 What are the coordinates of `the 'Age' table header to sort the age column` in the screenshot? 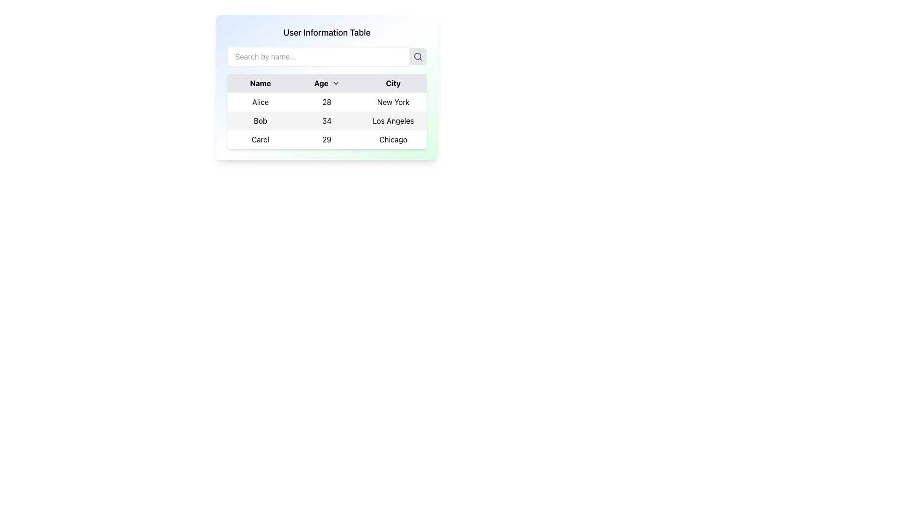 It's located at (327, 87).